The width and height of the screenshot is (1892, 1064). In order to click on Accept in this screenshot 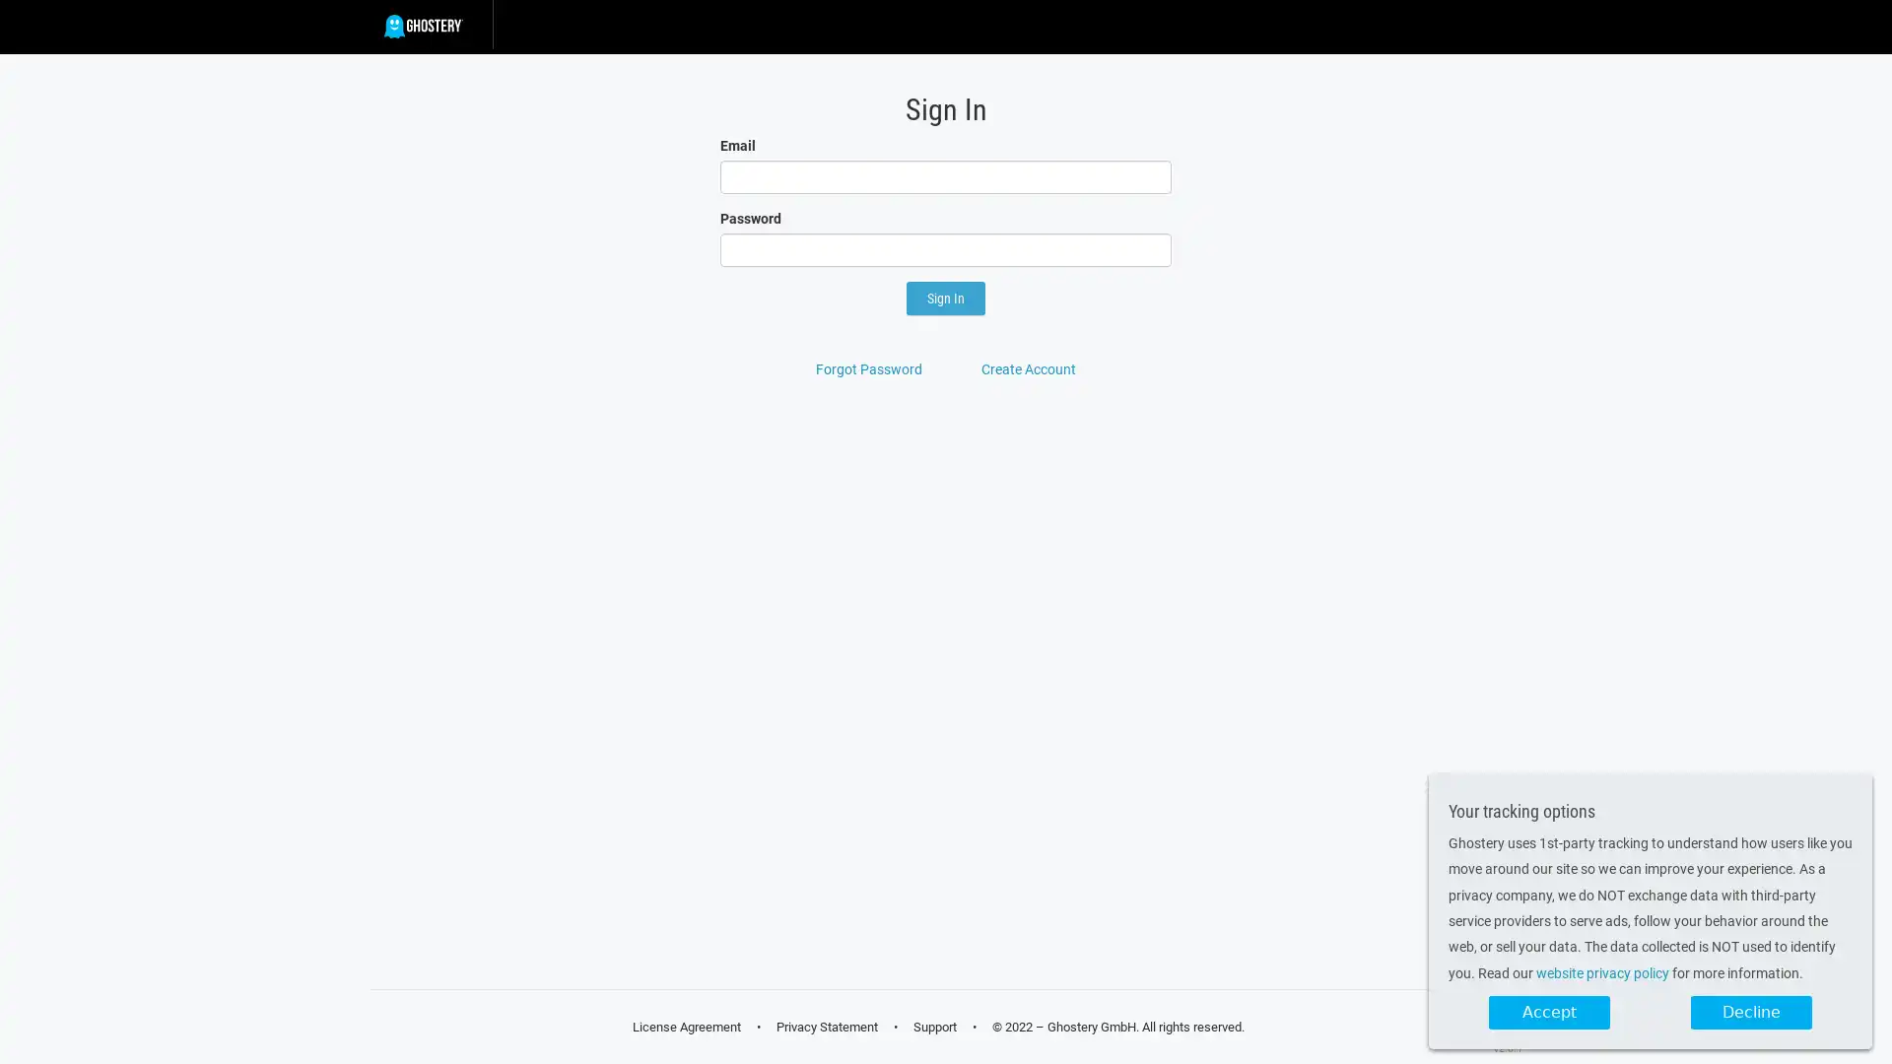, I will do `click(1548, 1013)`.